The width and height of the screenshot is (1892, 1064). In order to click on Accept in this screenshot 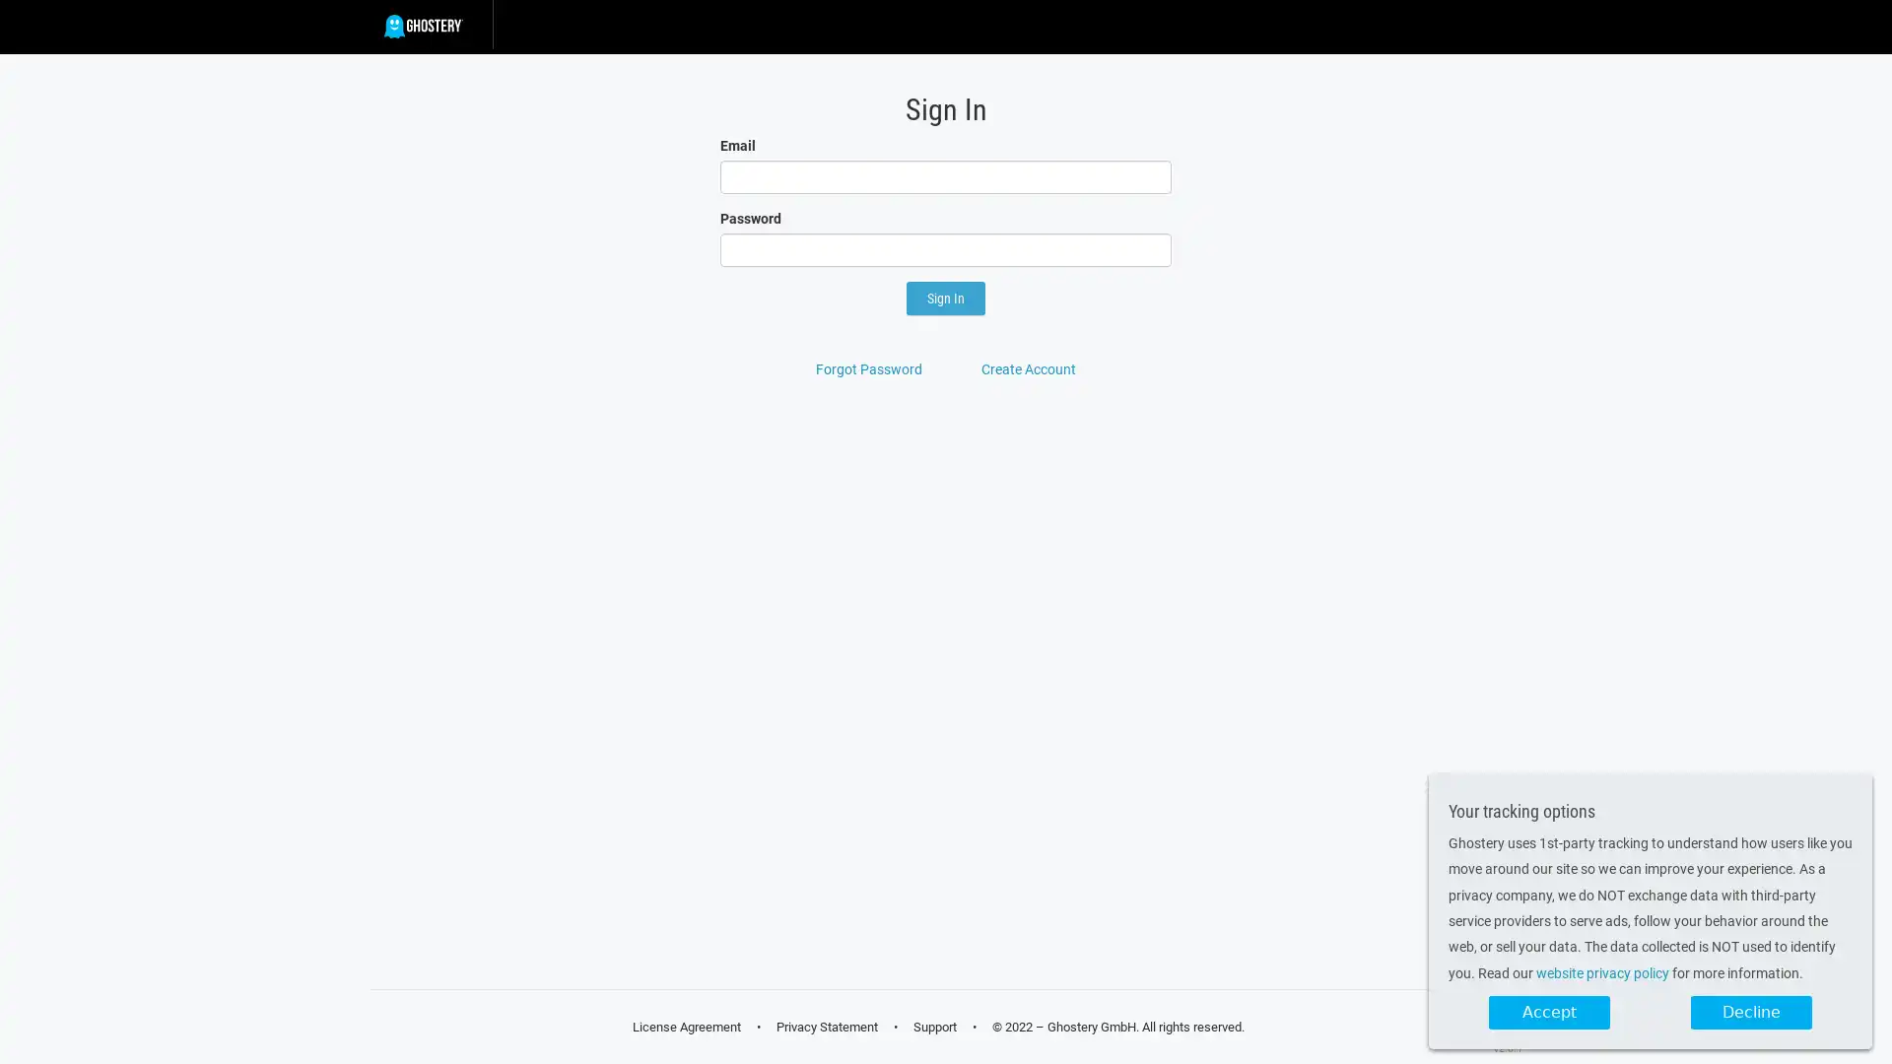, I will do `click(1548, 1013)`.